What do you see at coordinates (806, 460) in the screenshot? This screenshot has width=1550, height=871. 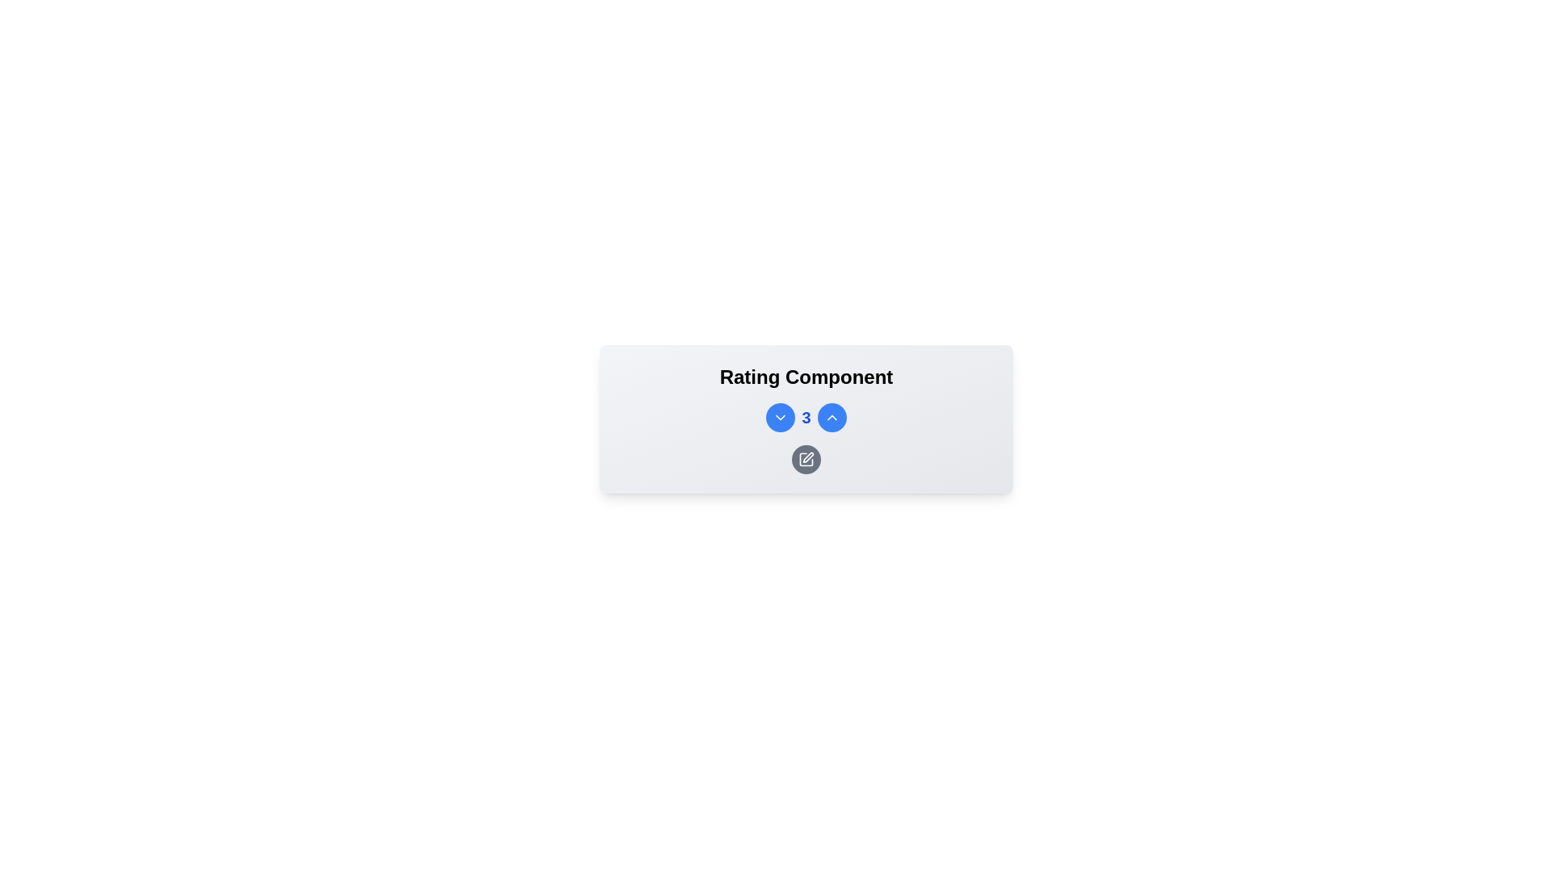 I see `the circular button with a gray background and a white icon resembling a square with a pen, located beneath the central number '3' in the rating component for keyboard navigation` at bounding box center [806, 460].